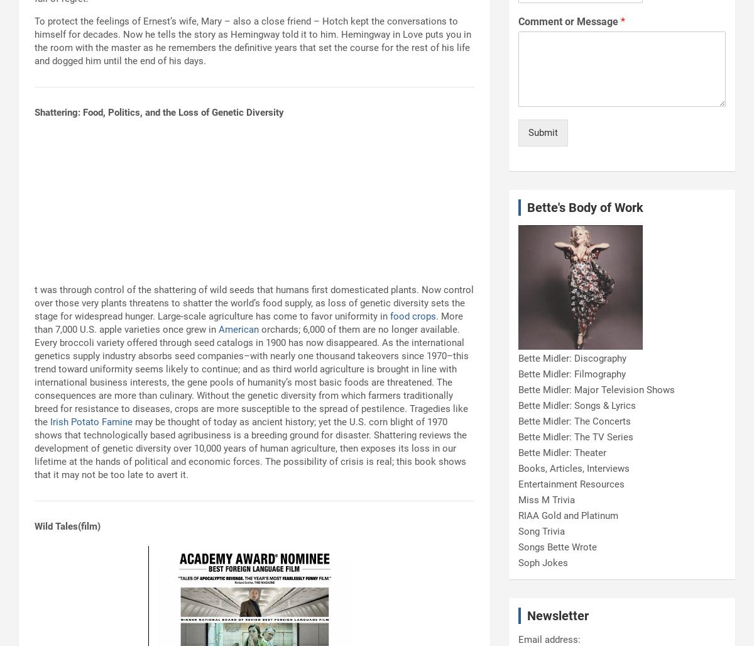  What do you see at coordinates (518, 404) in the screenshot?
I see `'Bette Midler: Songs & Lyrics'` at bounding box center [518, 404].